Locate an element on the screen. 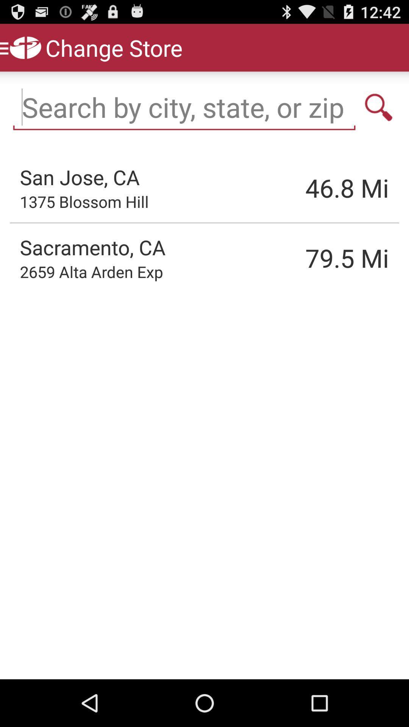 The image size is (409, 727). the item above the 1375 blossom hill app is located at coordinates (80, 176).